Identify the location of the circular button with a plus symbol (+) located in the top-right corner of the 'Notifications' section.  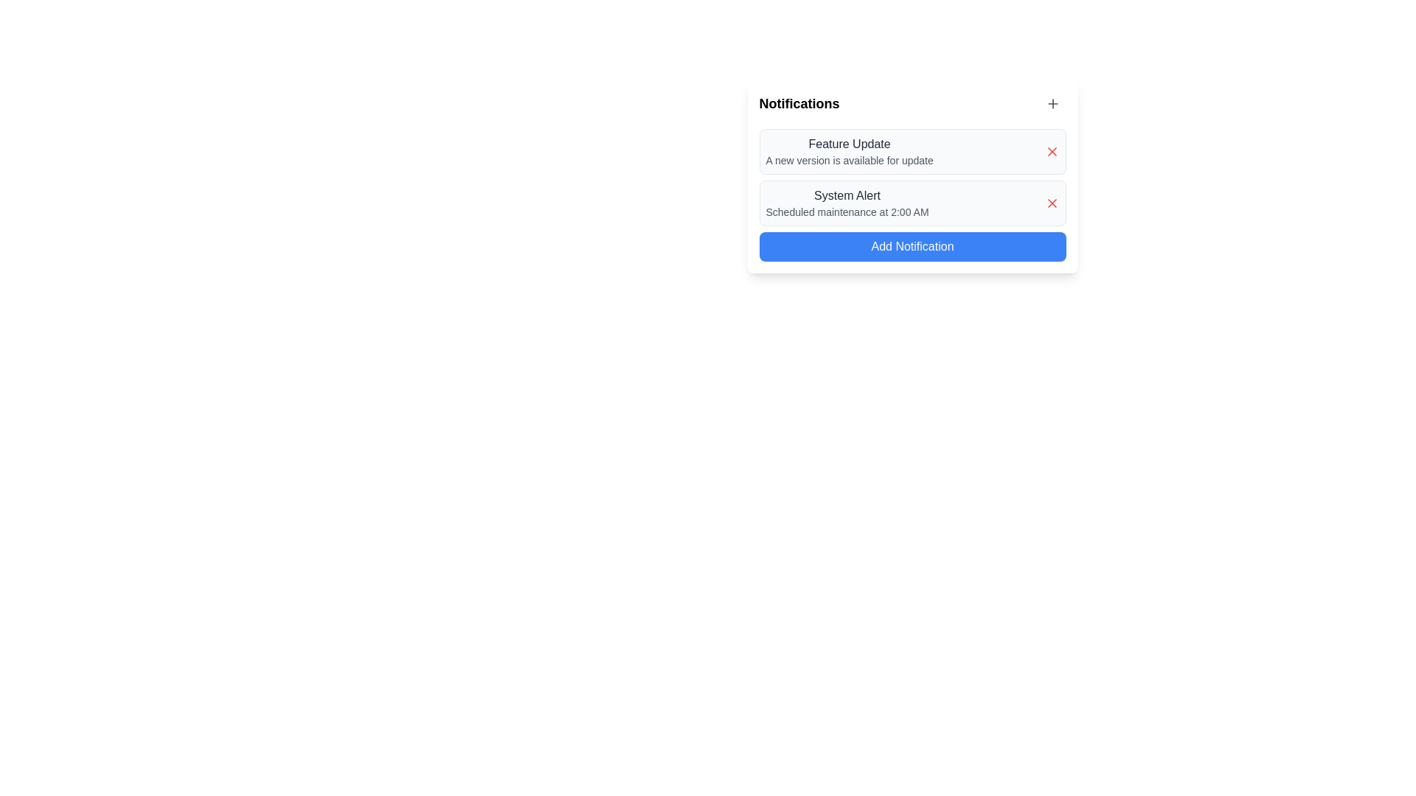
(1052, 103).